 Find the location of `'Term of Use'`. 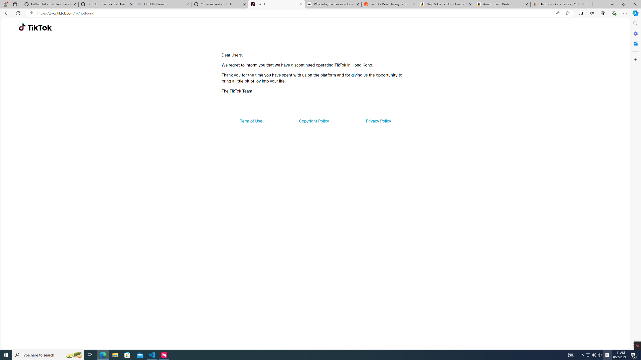

'Term of Use' is located at coordinates (251, 120).